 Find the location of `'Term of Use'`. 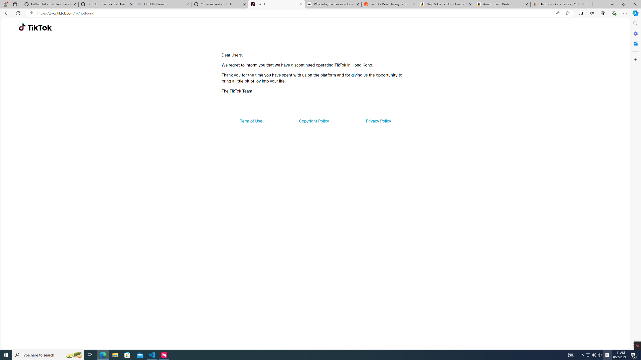

'Term of Use' is located at coordinates (251, 120).